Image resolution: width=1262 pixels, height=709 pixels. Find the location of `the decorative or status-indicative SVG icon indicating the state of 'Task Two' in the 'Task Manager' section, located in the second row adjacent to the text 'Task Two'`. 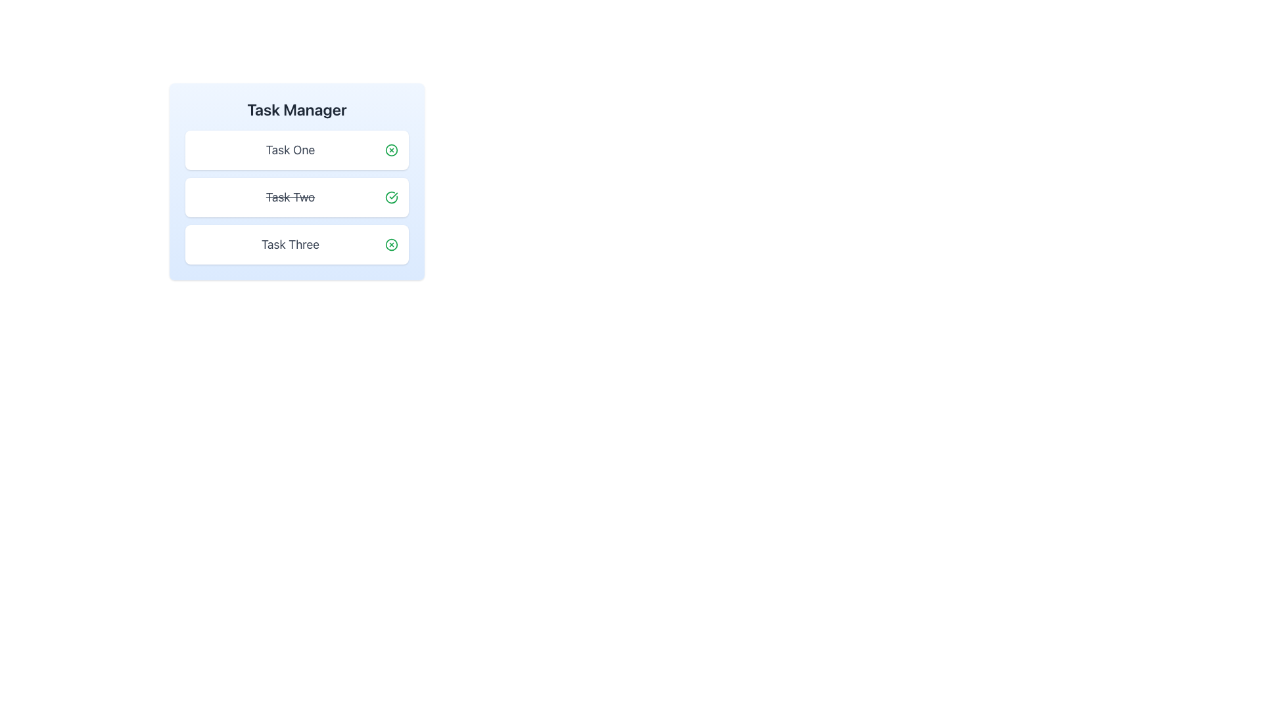

the decorative or status-indicative SVG icon indicating the state of 'Task Two' in the 'Task Manager' section, located in the second row adjacent to the text 'Task Two' is located at coordinates (390, 197).